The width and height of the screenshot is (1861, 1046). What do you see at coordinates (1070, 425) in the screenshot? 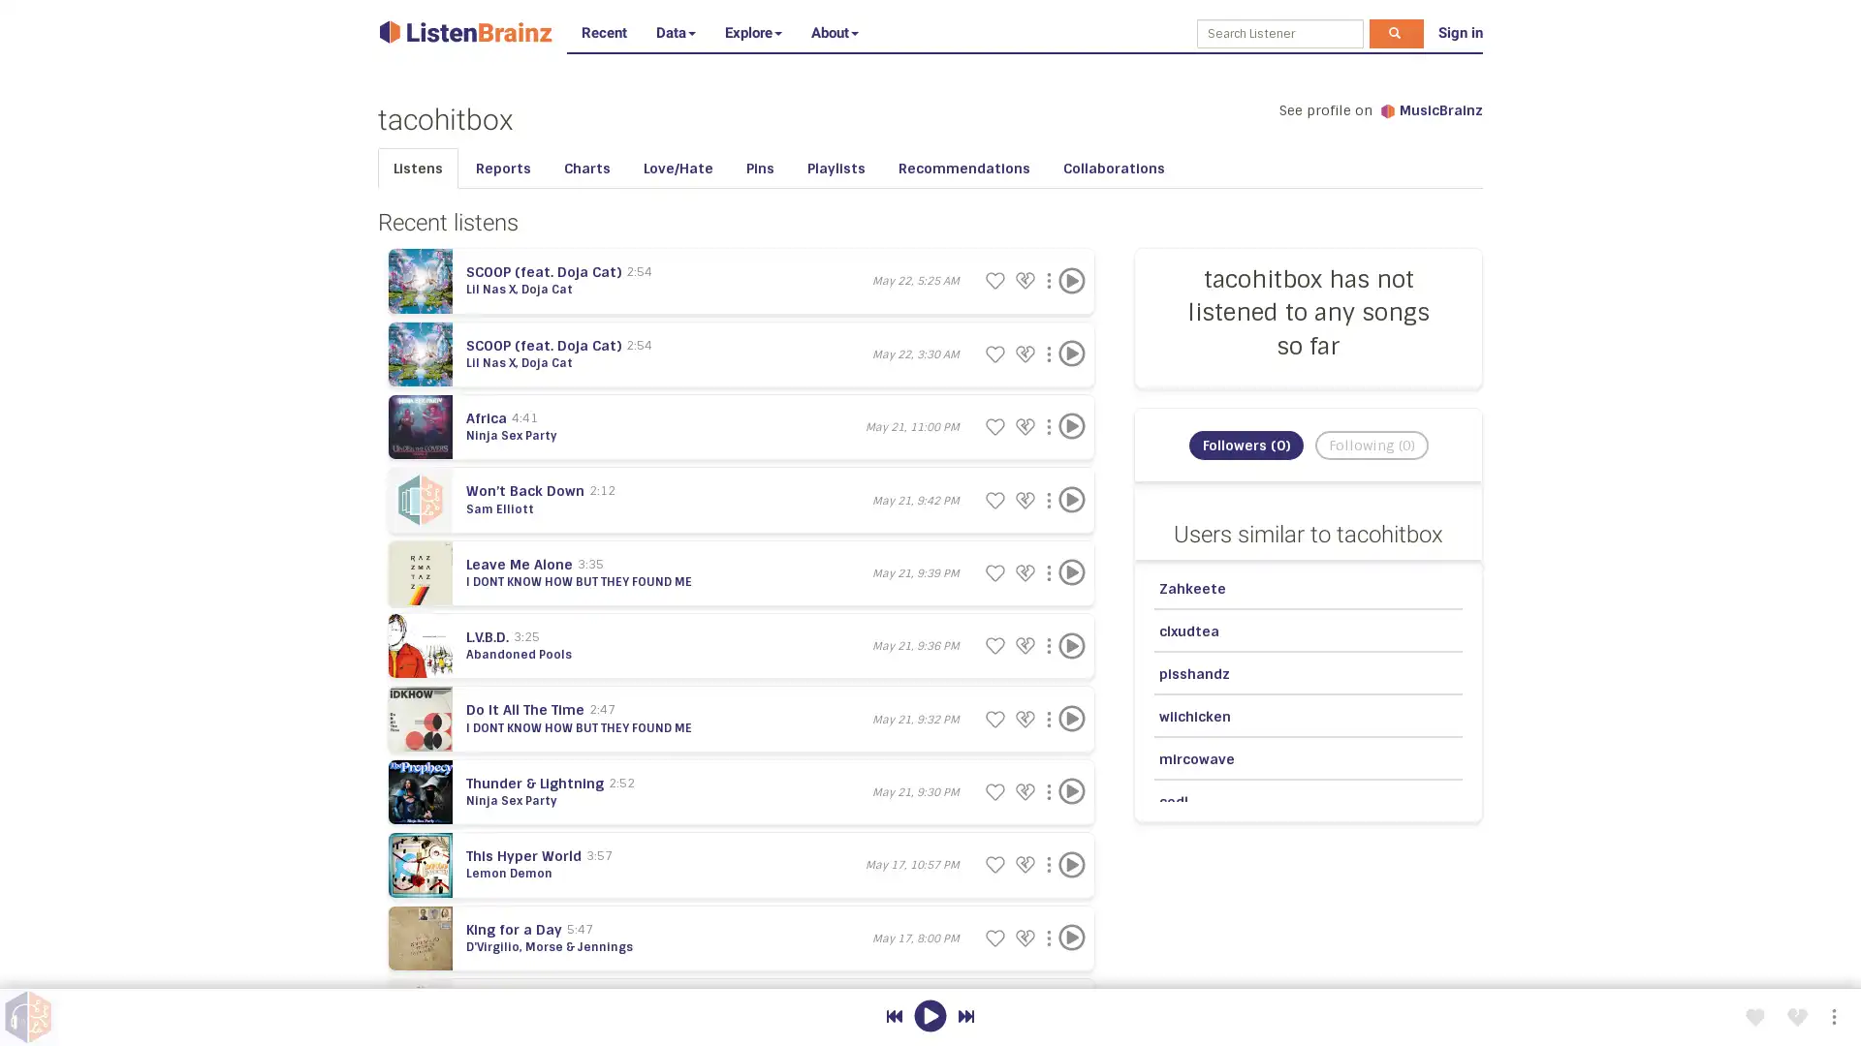
I see `Play` at bounding box center [1070, 425].